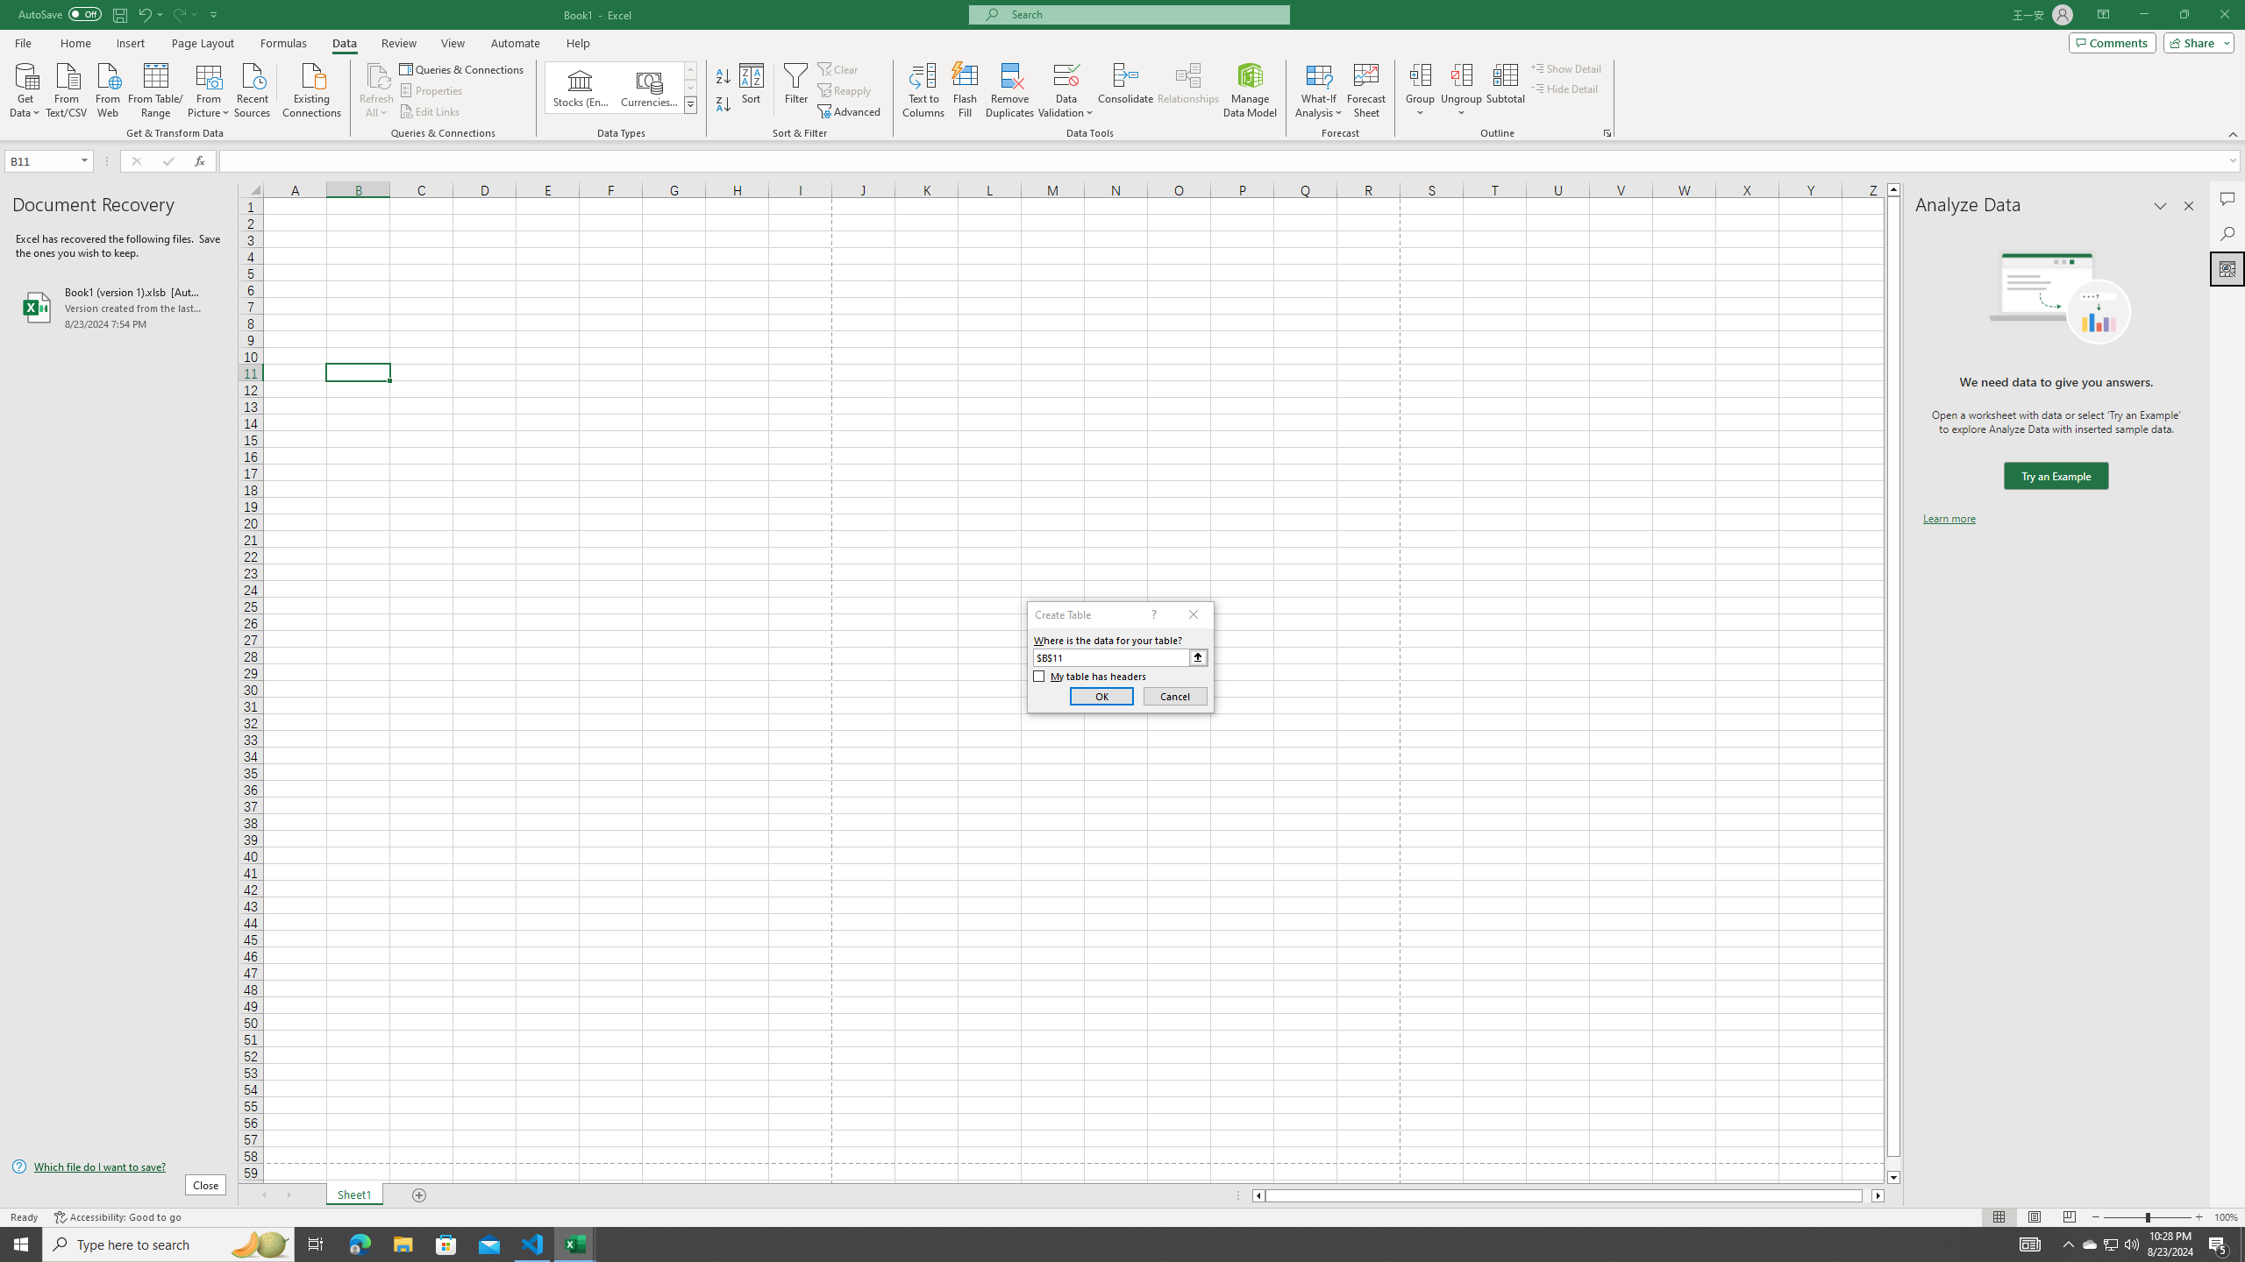  Describe the element at coordinates (1606, 131) in the screenshot. I see `'Group and Outline Settings'` at that location.